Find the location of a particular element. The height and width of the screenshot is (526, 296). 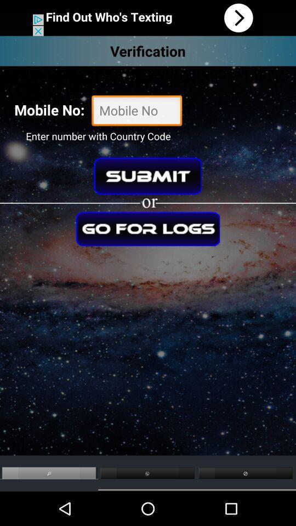

open page is located at coordinates (148, 17).